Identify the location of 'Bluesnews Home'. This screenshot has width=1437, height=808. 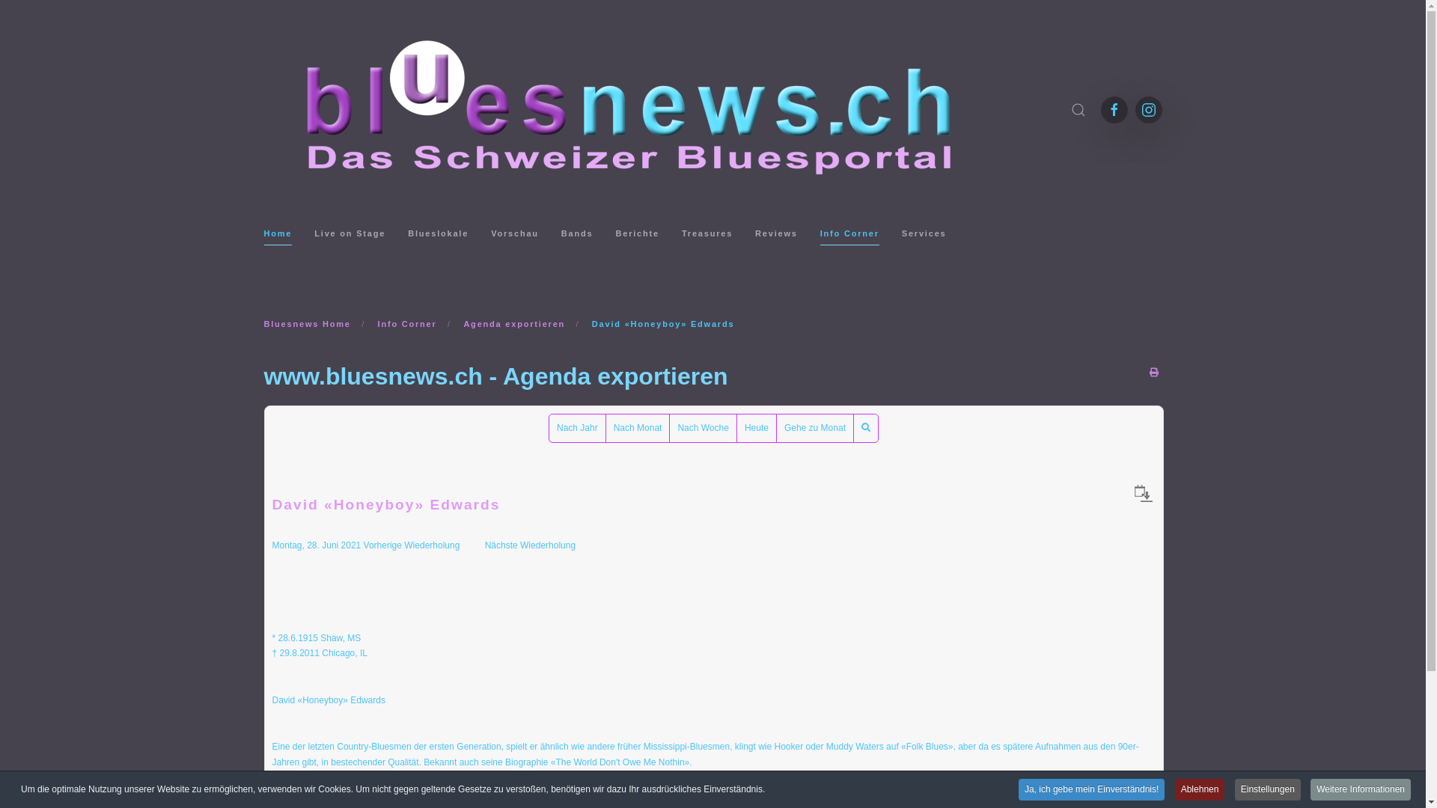
(305, 322).